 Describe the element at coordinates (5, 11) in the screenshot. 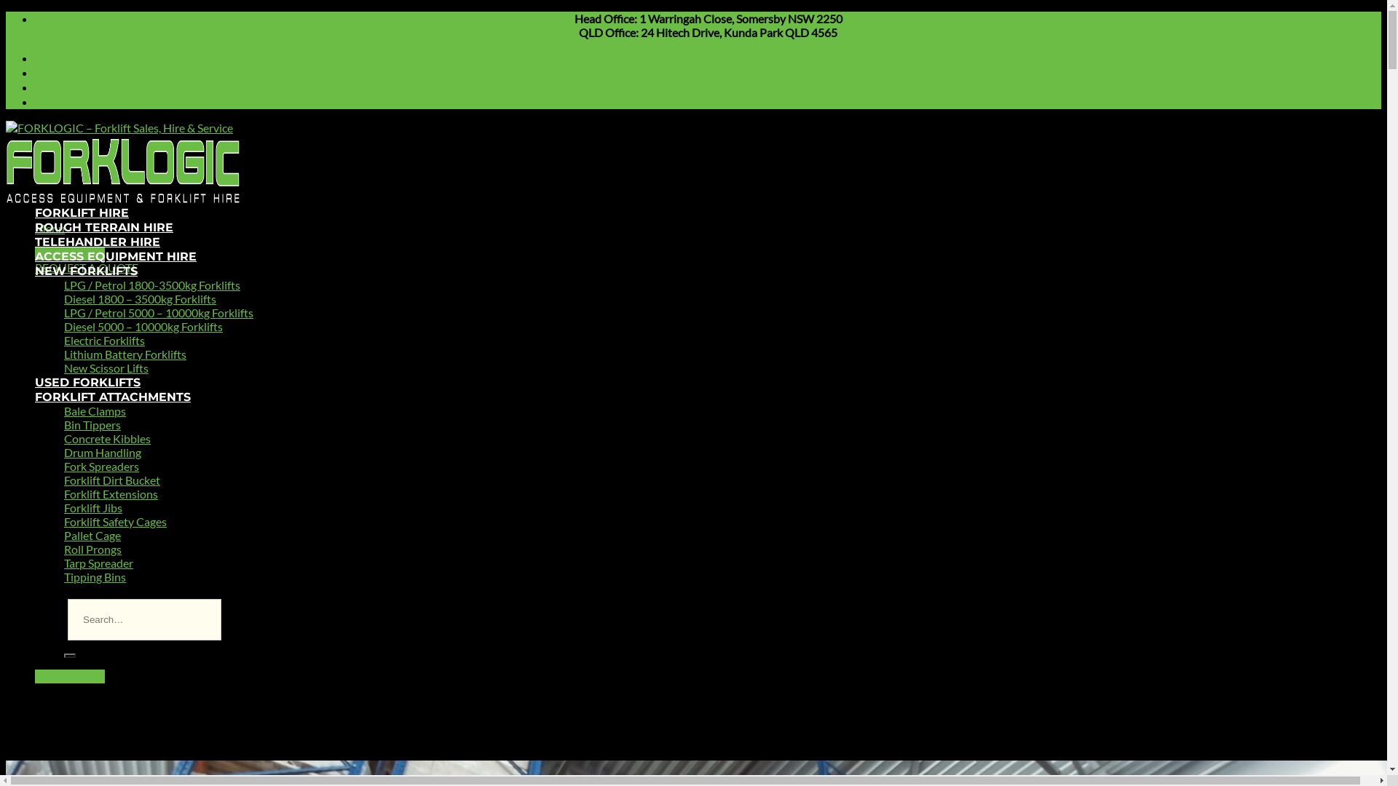

I see `'Skip to content'` at that location.